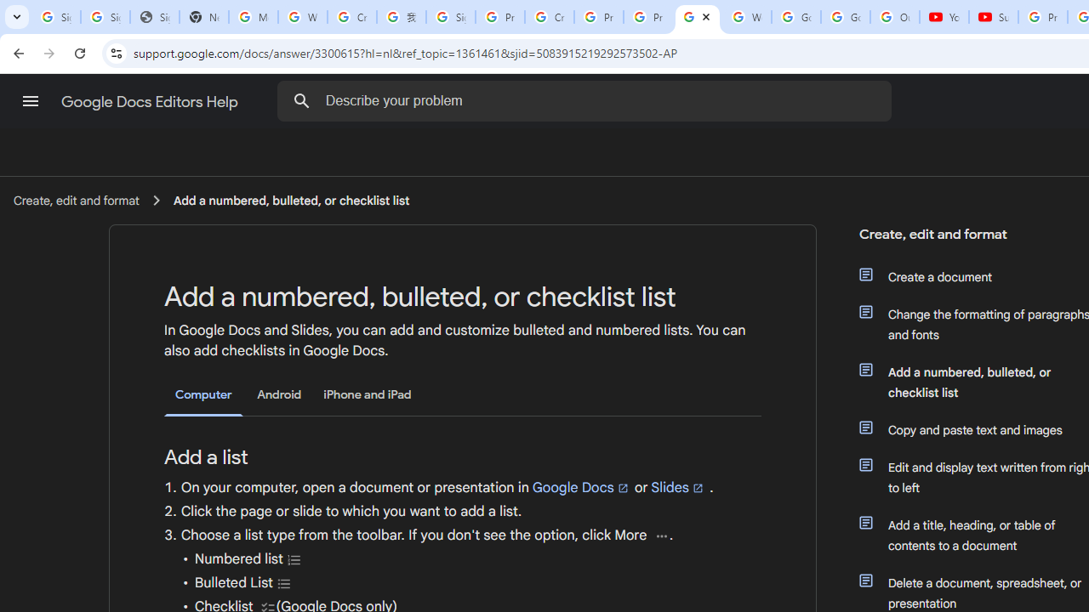  I want to click on 'Search tabs', so click(17, 17).